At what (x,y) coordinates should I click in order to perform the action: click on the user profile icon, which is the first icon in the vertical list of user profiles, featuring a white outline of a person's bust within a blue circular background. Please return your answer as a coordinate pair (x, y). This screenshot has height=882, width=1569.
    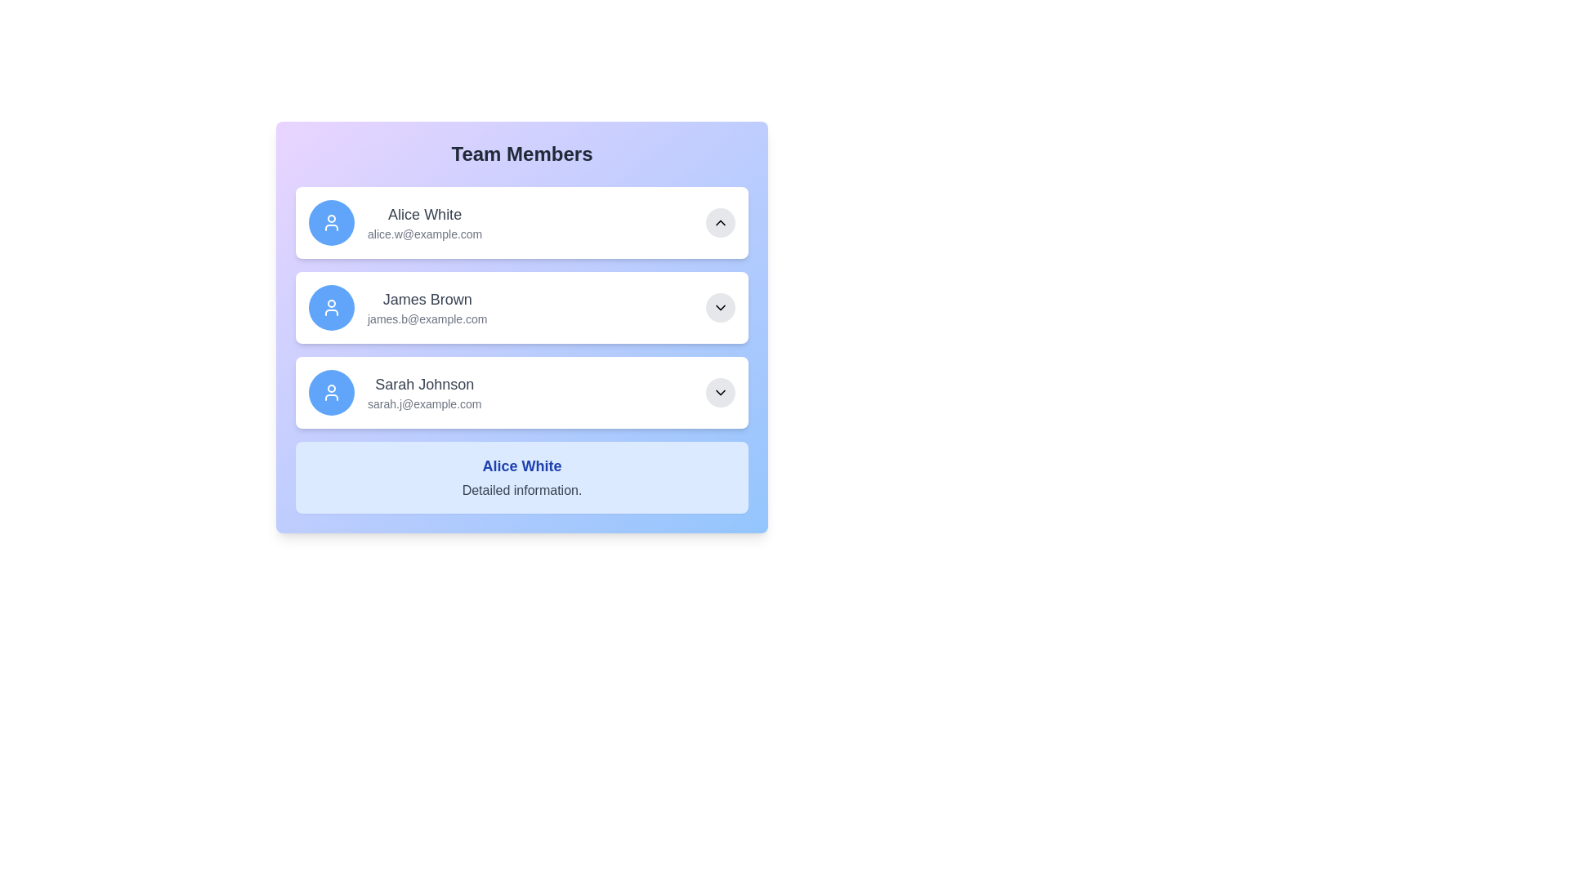
    Looking at the image, I should click on (331, 393).